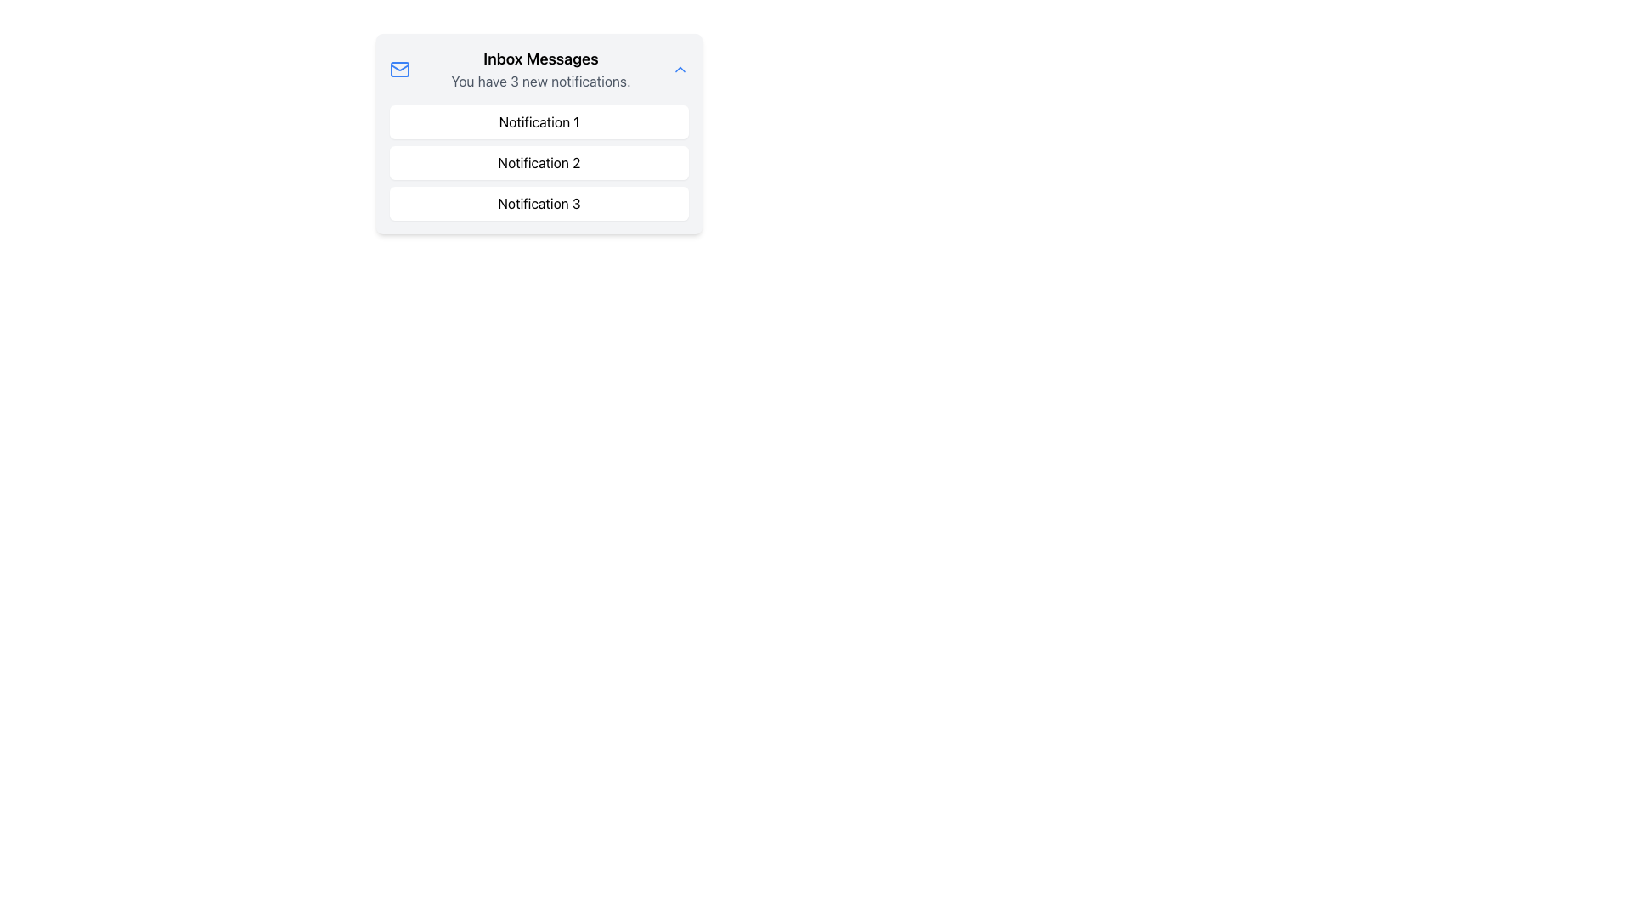  I want to click on the notification item labeled 'Notification 1' in the list, so click(538, 121).